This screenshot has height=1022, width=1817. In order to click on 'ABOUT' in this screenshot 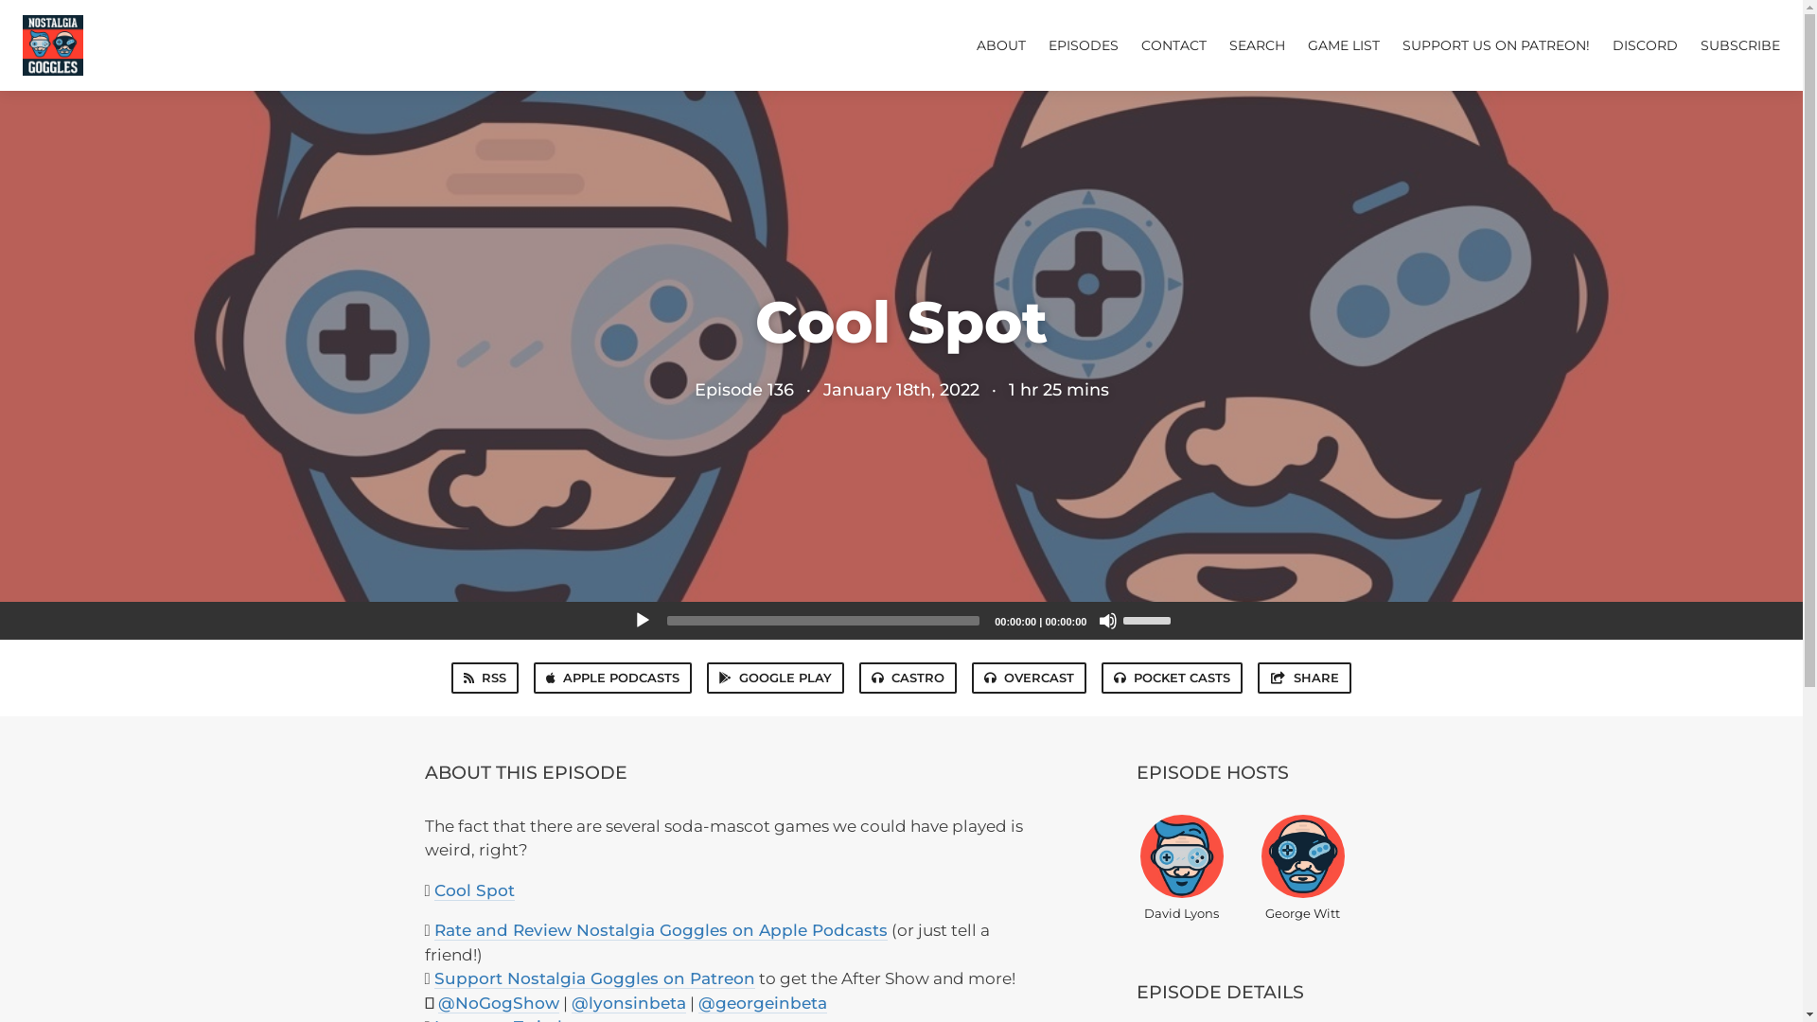, I will do `click(999, 44)`.